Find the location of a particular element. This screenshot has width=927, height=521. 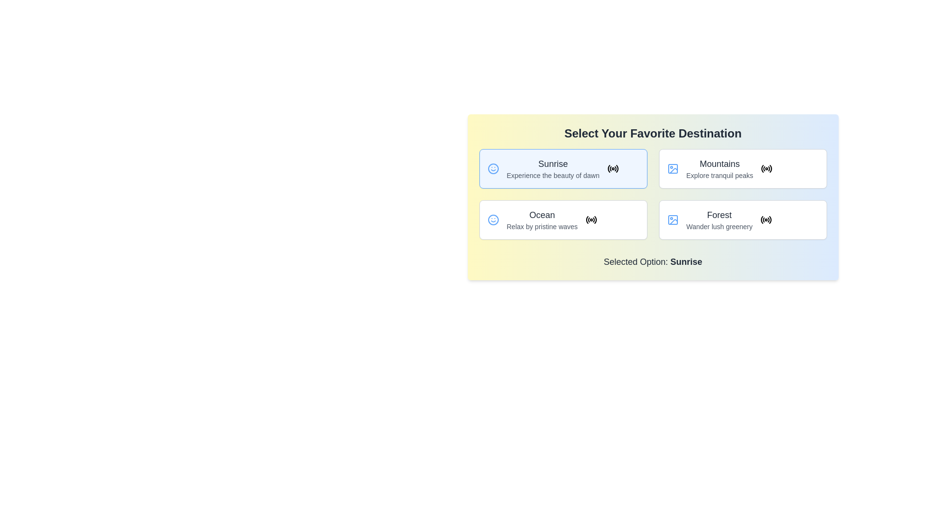

the prominent heading labeled 'Select Your Favorite Destination', styled in bold and large text, located at the top of the interface is located at coordinates (653, 134).